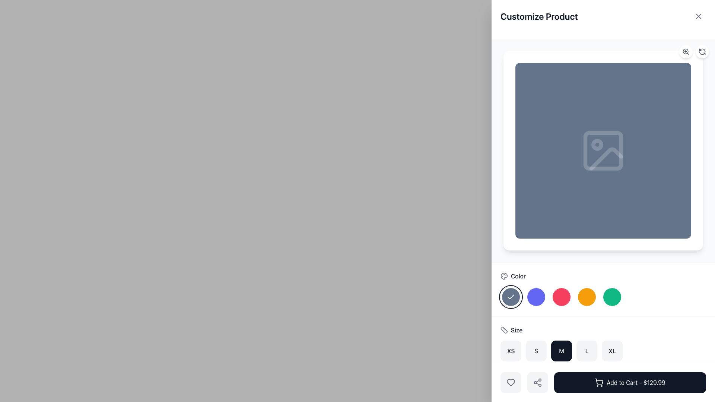 This screenshot has height=402, width=715. I want to click on the close icon button located in the top right corner of the interface panel, so click(698, 16).